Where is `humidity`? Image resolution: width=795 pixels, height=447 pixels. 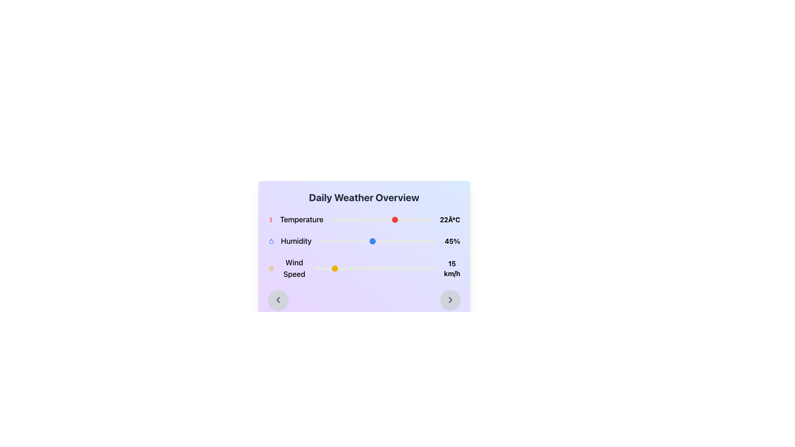
humidity is located at coordinates (337, 241).